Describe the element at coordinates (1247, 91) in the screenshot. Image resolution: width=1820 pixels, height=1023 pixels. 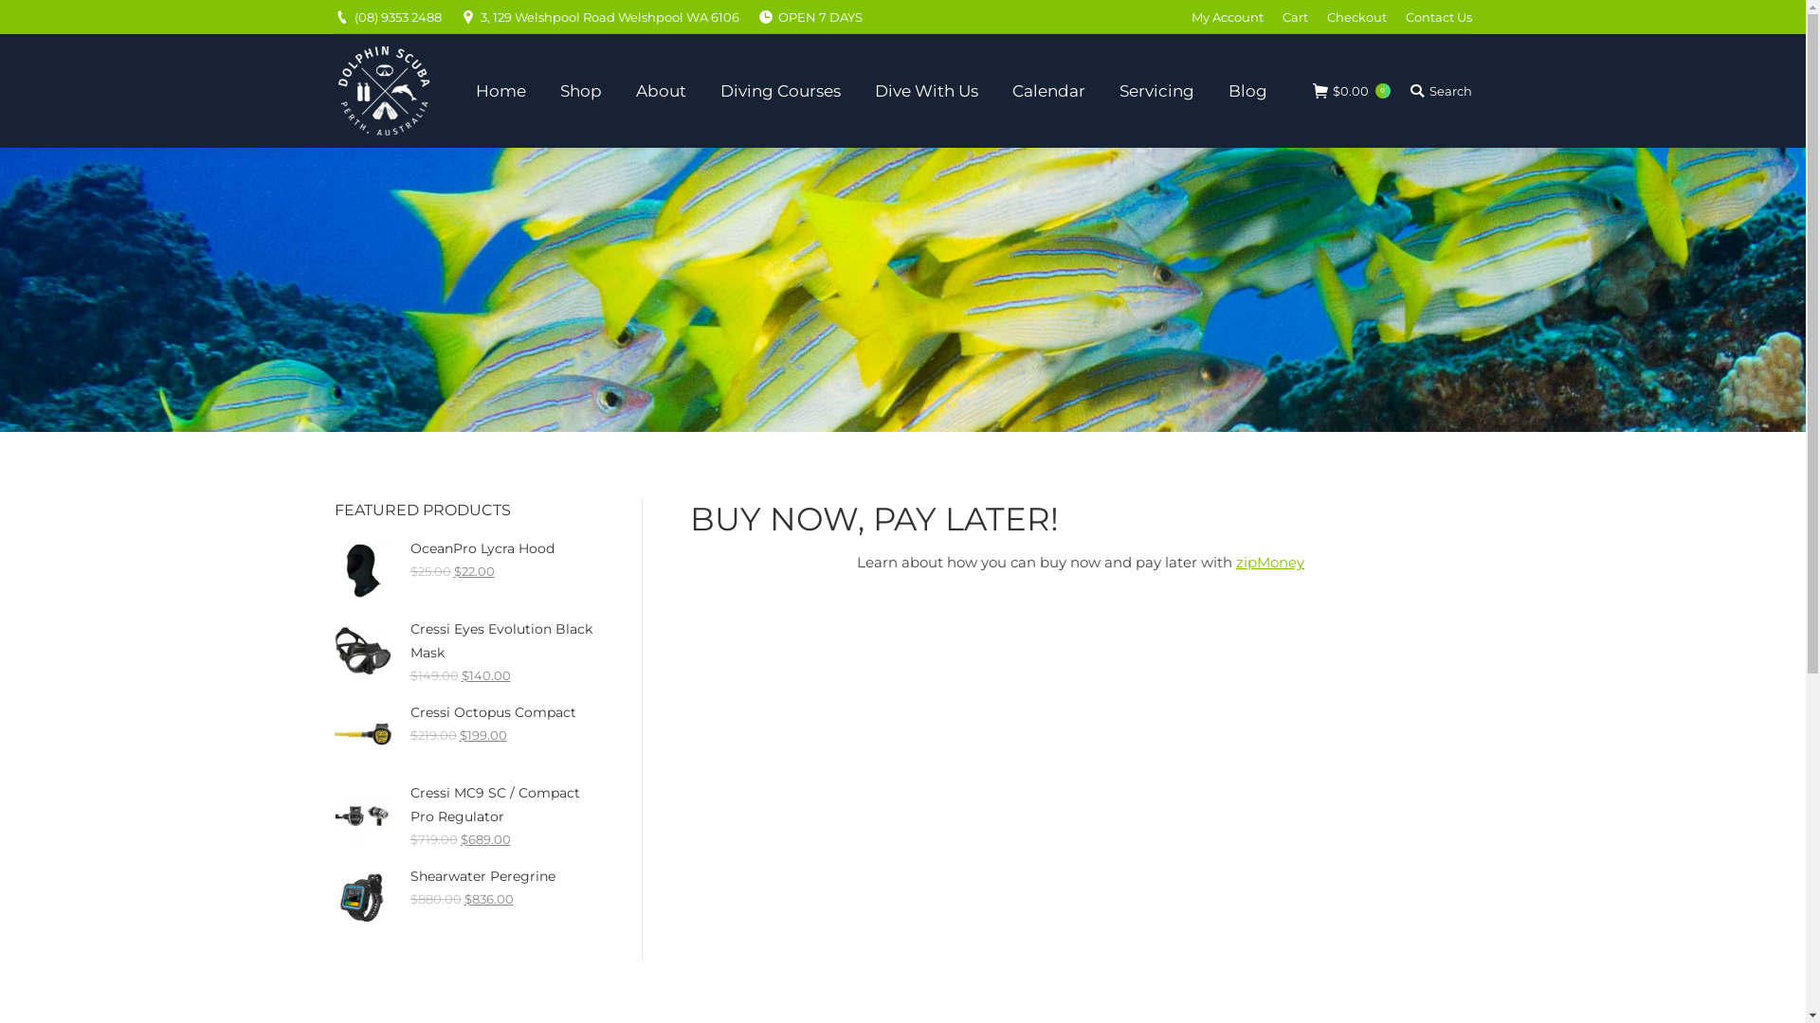
I see `'Blog'` at that location.